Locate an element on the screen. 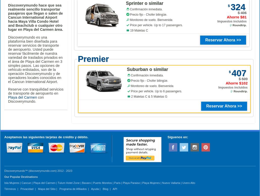 The height and width of the screenshot is (196, 260). 'Uvero Alto' is located at coordinates (188, 183).